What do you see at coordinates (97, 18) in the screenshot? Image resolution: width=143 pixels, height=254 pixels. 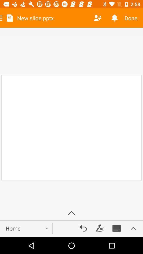 I see `item to the right of the new slide.pptx item` at bounding box center [97, 18].